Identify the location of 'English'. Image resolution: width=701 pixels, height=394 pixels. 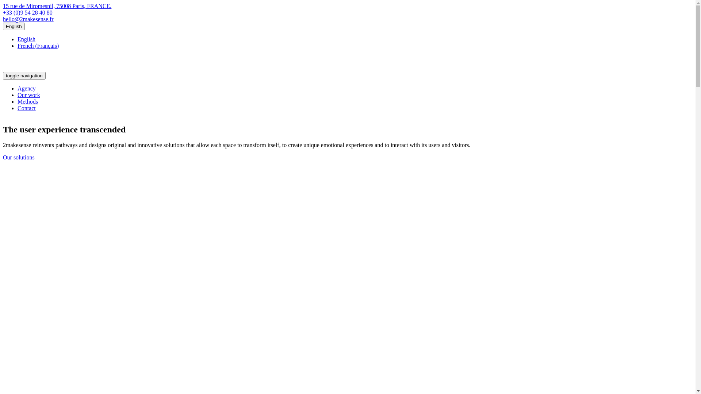
(14, 26).